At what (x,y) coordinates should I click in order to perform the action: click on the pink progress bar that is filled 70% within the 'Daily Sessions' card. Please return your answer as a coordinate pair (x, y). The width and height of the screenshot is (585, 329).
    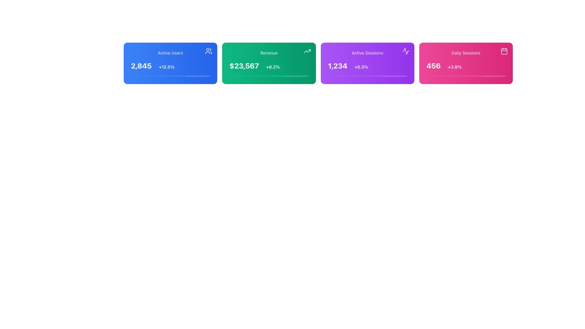
    Looking at the image, I should click on (454, 76).